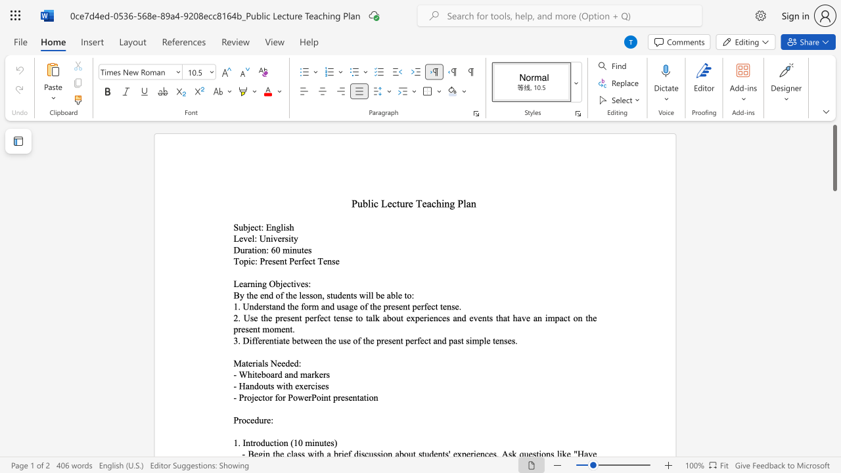  I want to click on the space between the continuous character "e" and "e" in the text, so click(281, 363).